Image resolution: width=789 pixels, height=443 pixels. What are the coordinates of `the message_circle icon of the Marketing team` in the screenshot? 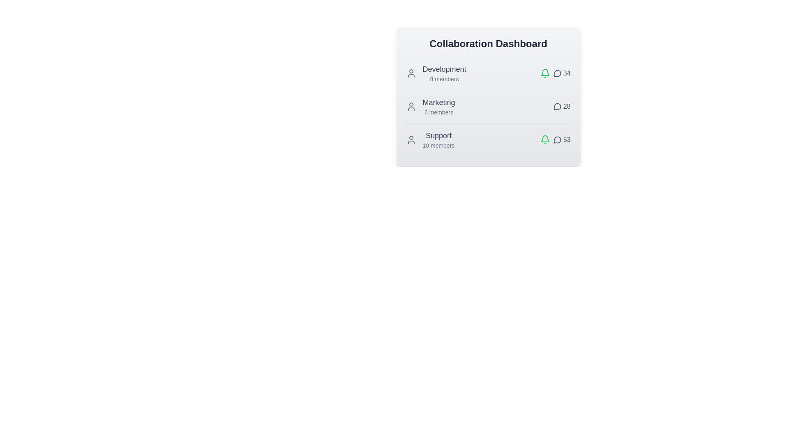 It's located at (557, 106).